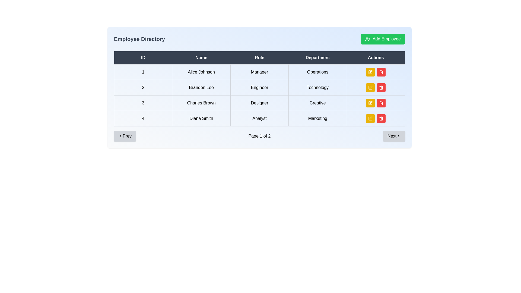  I want to click on the 'Name' column header cell, which is the second header in the table located between 'ID' and 'Role' headers, so click(201, 58).